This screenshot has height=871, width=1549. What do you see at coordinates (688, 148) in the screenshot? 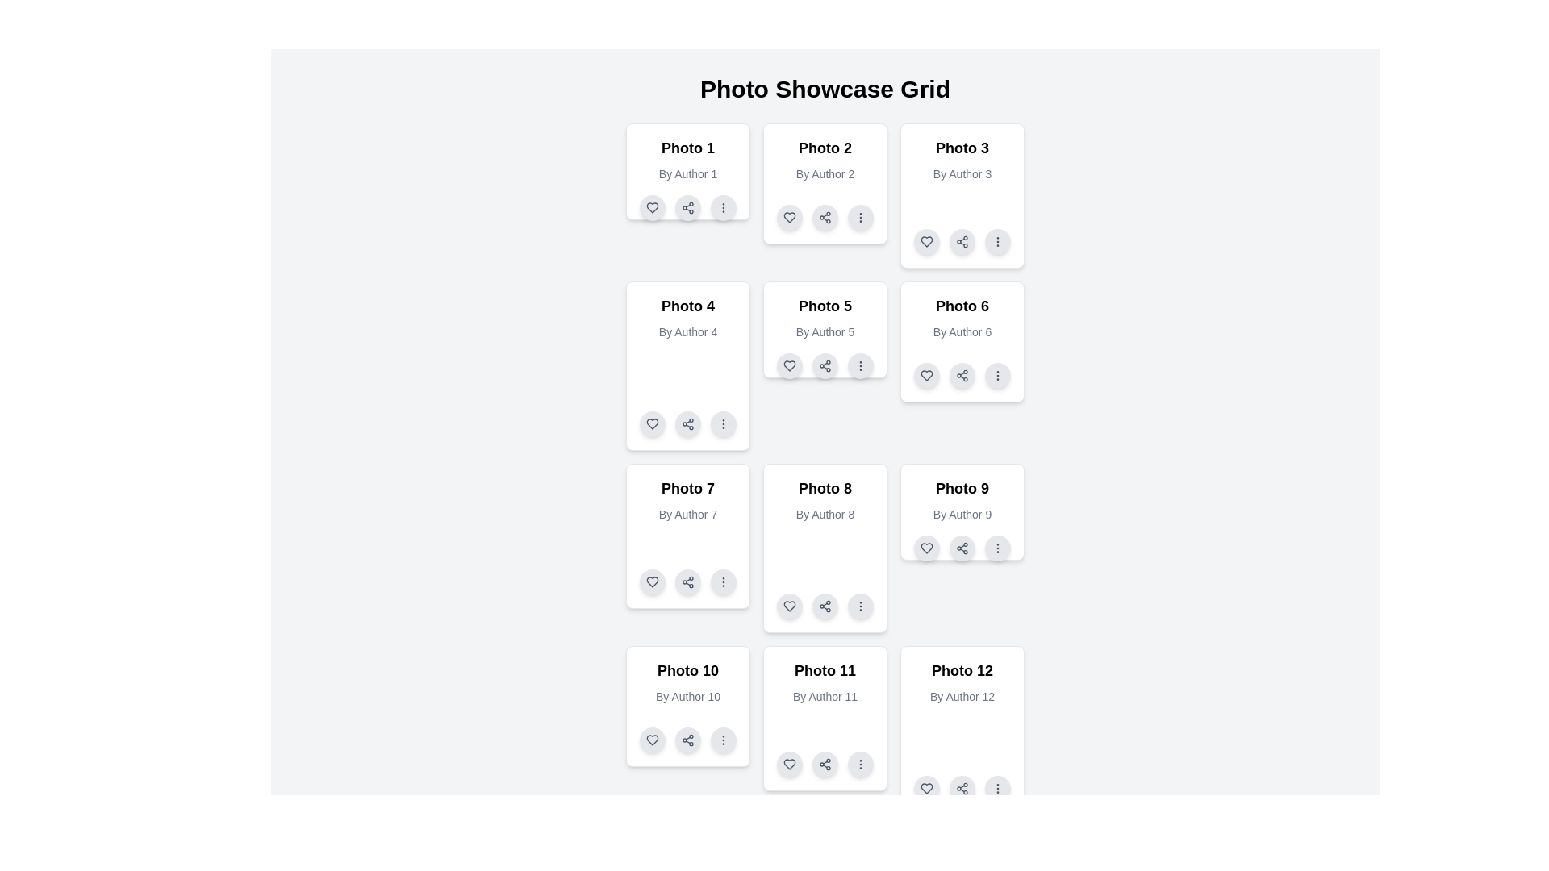
I see `the bold text element displaying 'Photo 1' at the top of the content card to select the text` at bounding box center [688, 148].